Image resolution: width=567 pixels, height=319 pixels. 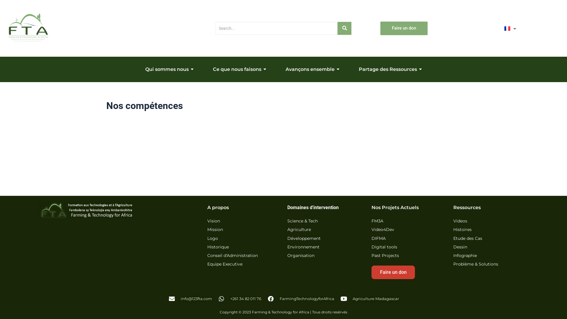 I want to click on 'Partage des Ressources', so click(x=390, y=69).